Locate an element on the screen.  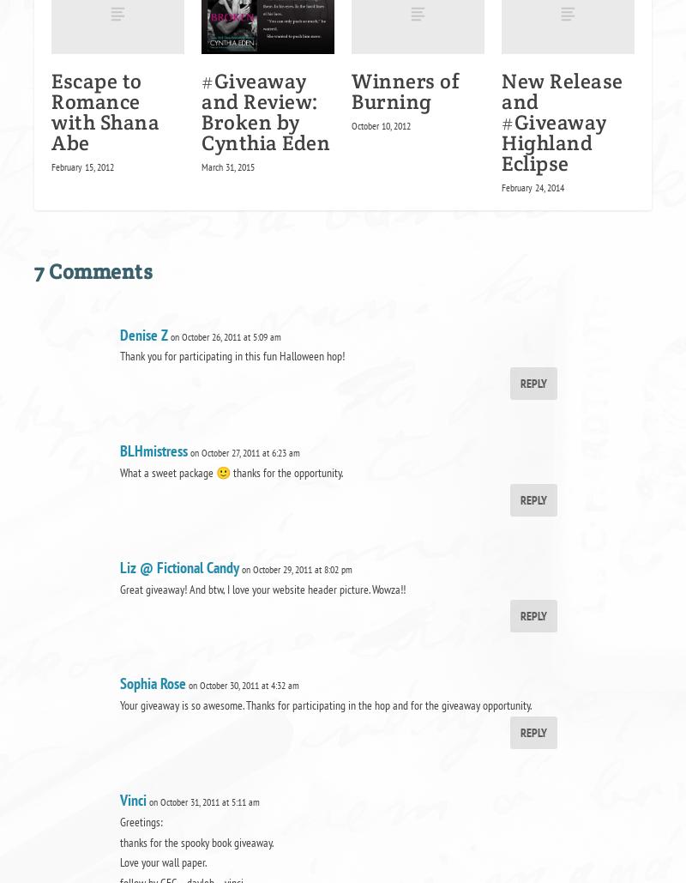
'February 24, 2014' is located at coordinates (533, 186).